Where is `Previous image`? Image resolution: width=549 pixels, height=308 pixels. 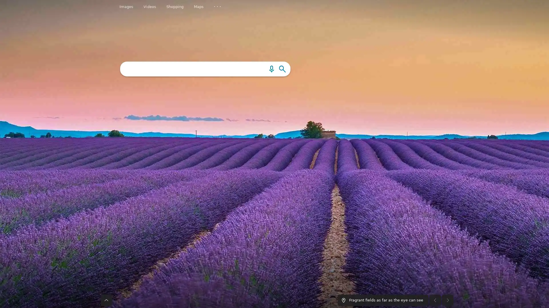 Previous image is located at coordinates (435, 204).